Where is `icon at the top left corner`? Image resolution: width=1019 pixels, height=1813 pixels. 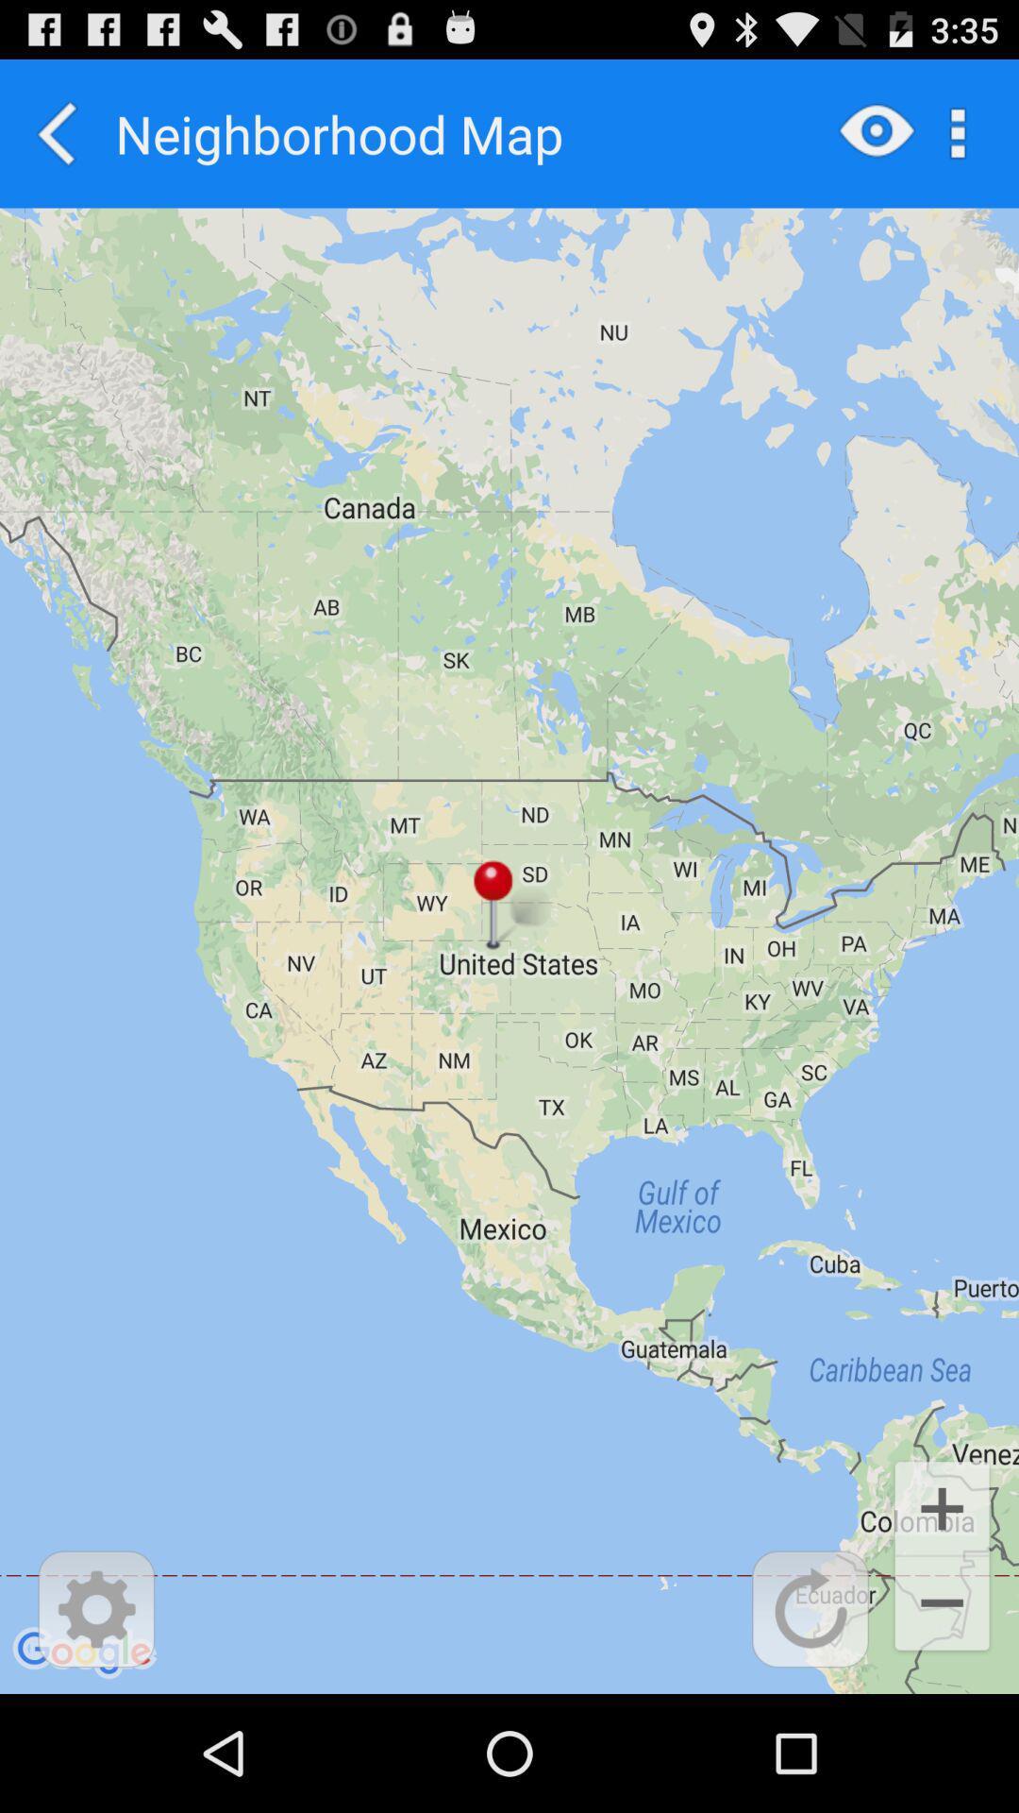
icon at the top left corner is located at coordinates (57, 132).